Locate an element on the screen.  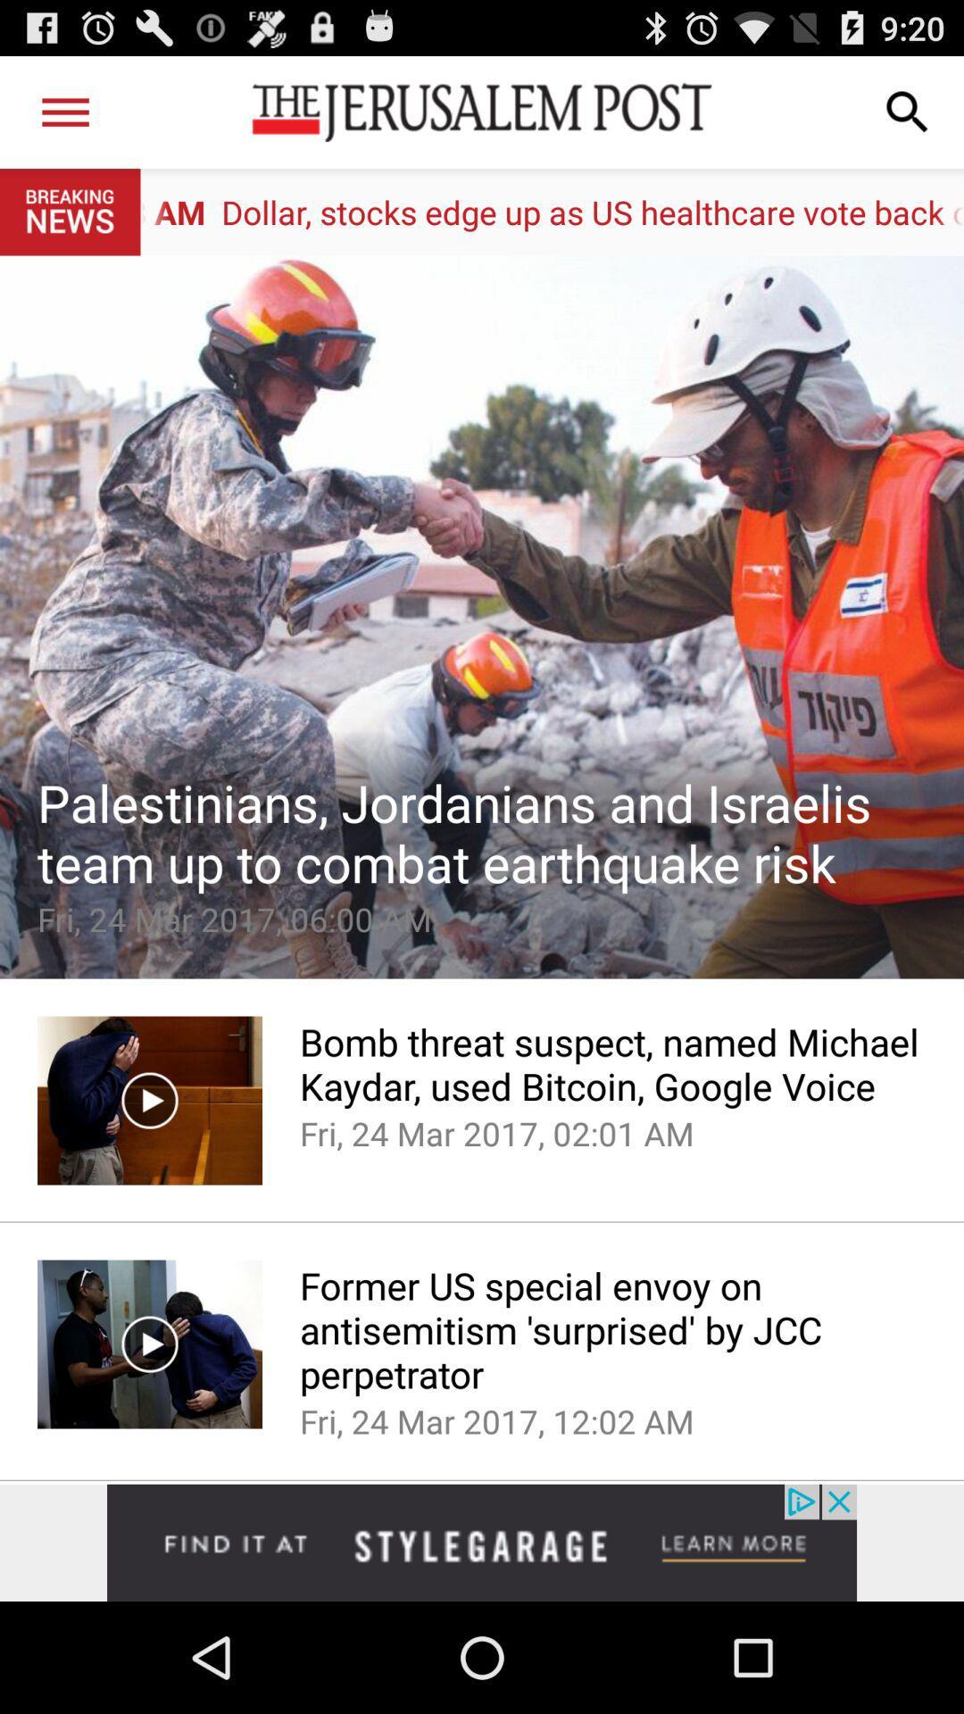
open the article is located at coordinates (482, 617).